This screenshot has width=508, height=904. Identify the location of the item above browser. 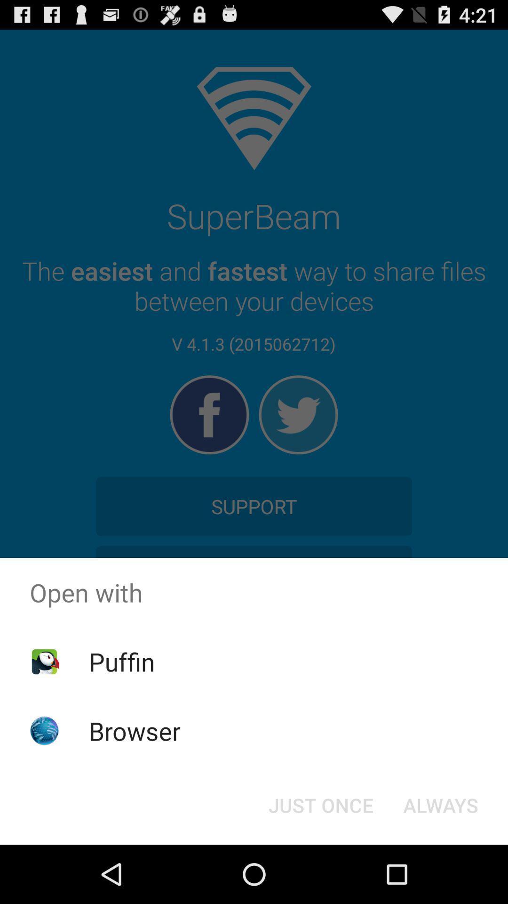
(121, 661).